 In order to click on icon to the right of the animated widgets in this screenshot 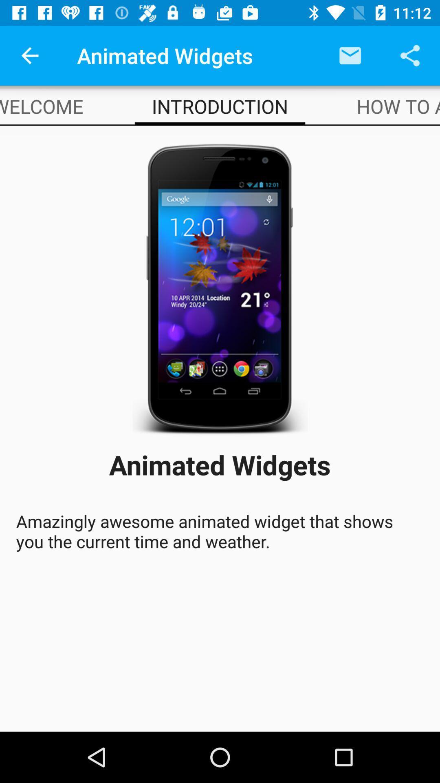, I will do `click(350, 55)`.